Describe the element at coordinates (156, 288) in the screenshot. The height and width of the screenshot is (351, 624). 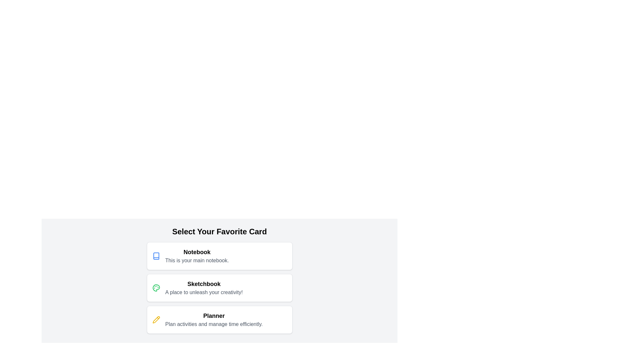
I see `the green outline painter's palette icon with circular cutouts, which is the central shape of the icon` at that location.